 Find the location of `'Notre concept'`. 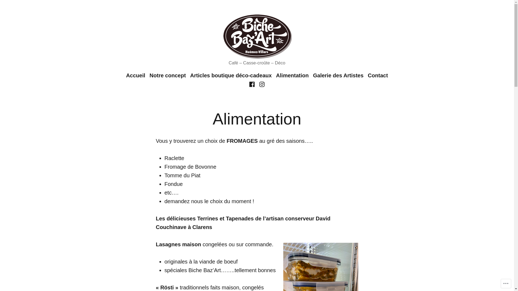

'Notre concept' is located at coordinates (167, 75).